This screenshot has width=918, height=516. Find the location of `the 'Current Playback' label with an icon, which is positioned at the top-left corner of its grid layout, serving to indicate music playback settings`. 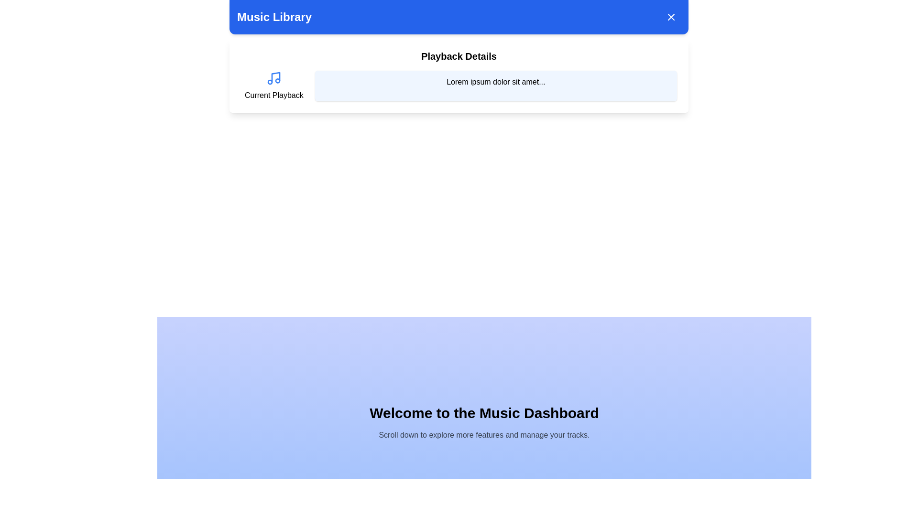

the 'Current Playback' label with an icon, which is positioned at the top-left corner of its grid layout, serving to indicate music playback settings is located at coordinates (273, 86).